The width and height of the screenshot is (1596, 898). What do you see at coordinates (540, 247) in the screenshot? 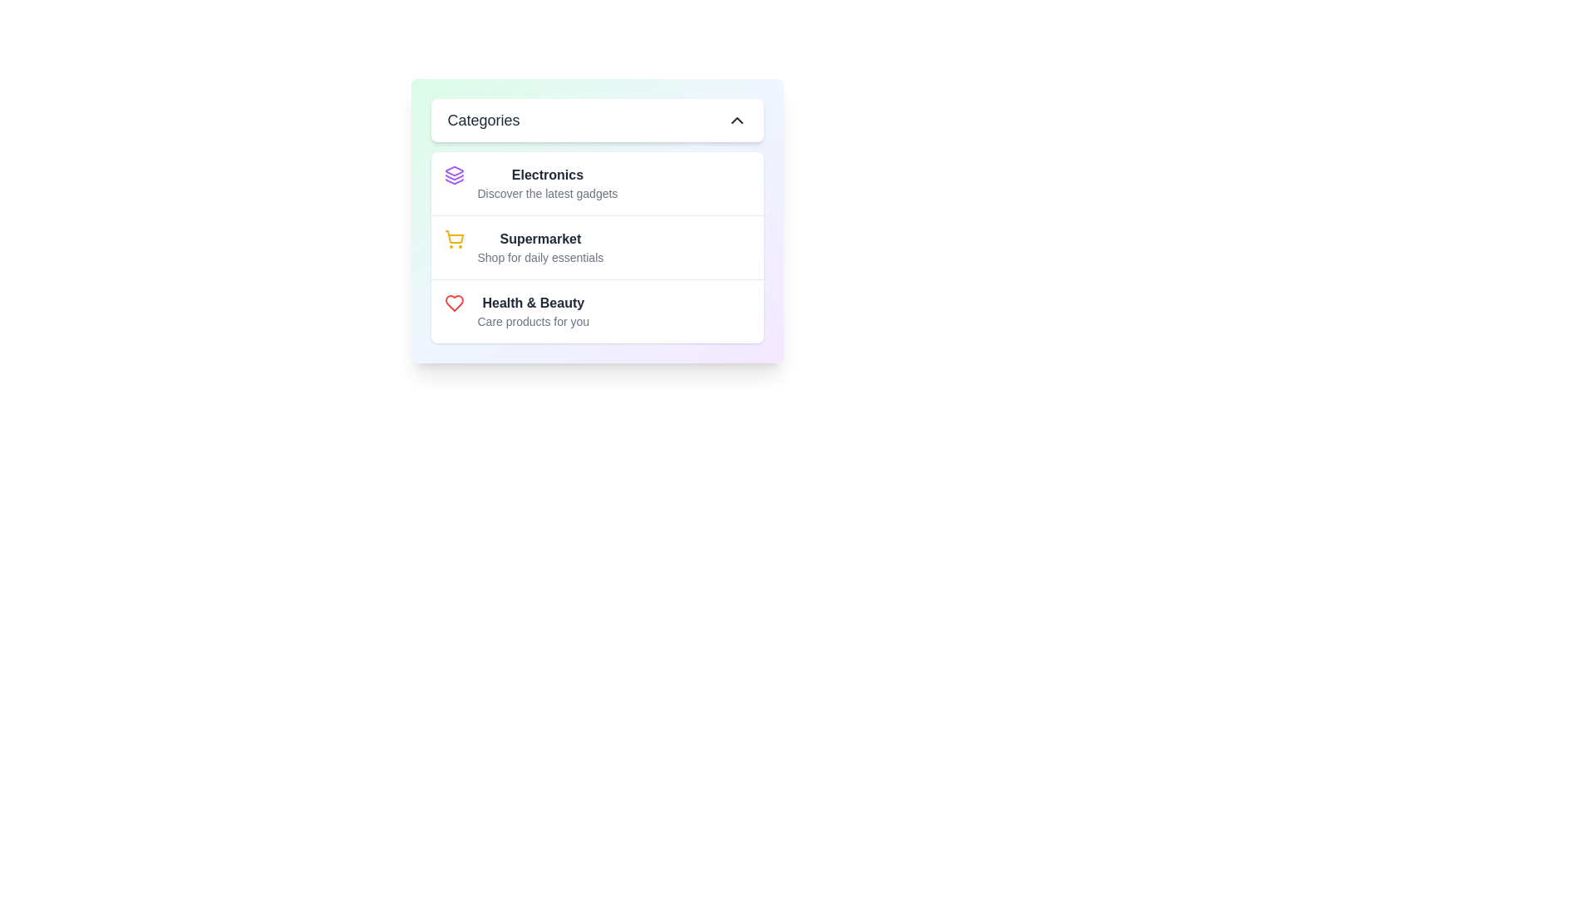
I see `the second category option` at bounding box center [540, 247].